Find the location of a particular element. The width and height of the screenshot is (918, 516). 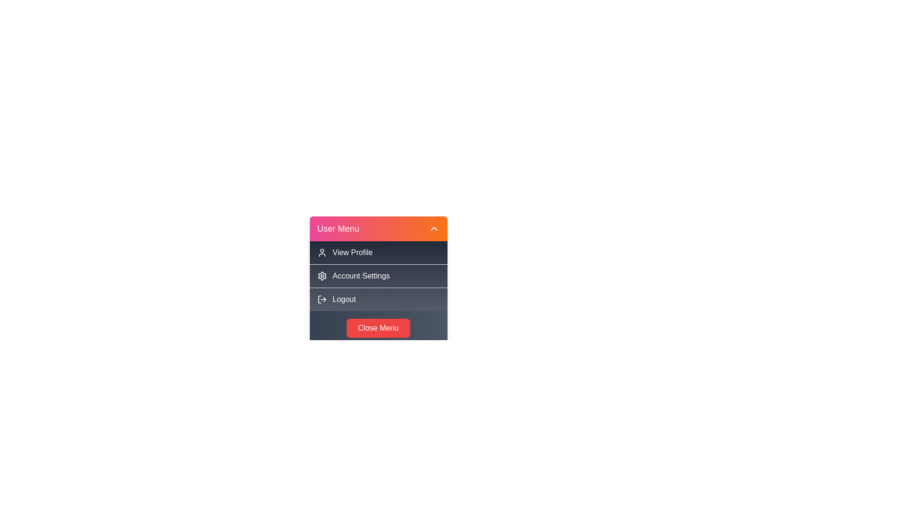

the 'Close Menu' button to close the menu is located at coordinates (378, 327).